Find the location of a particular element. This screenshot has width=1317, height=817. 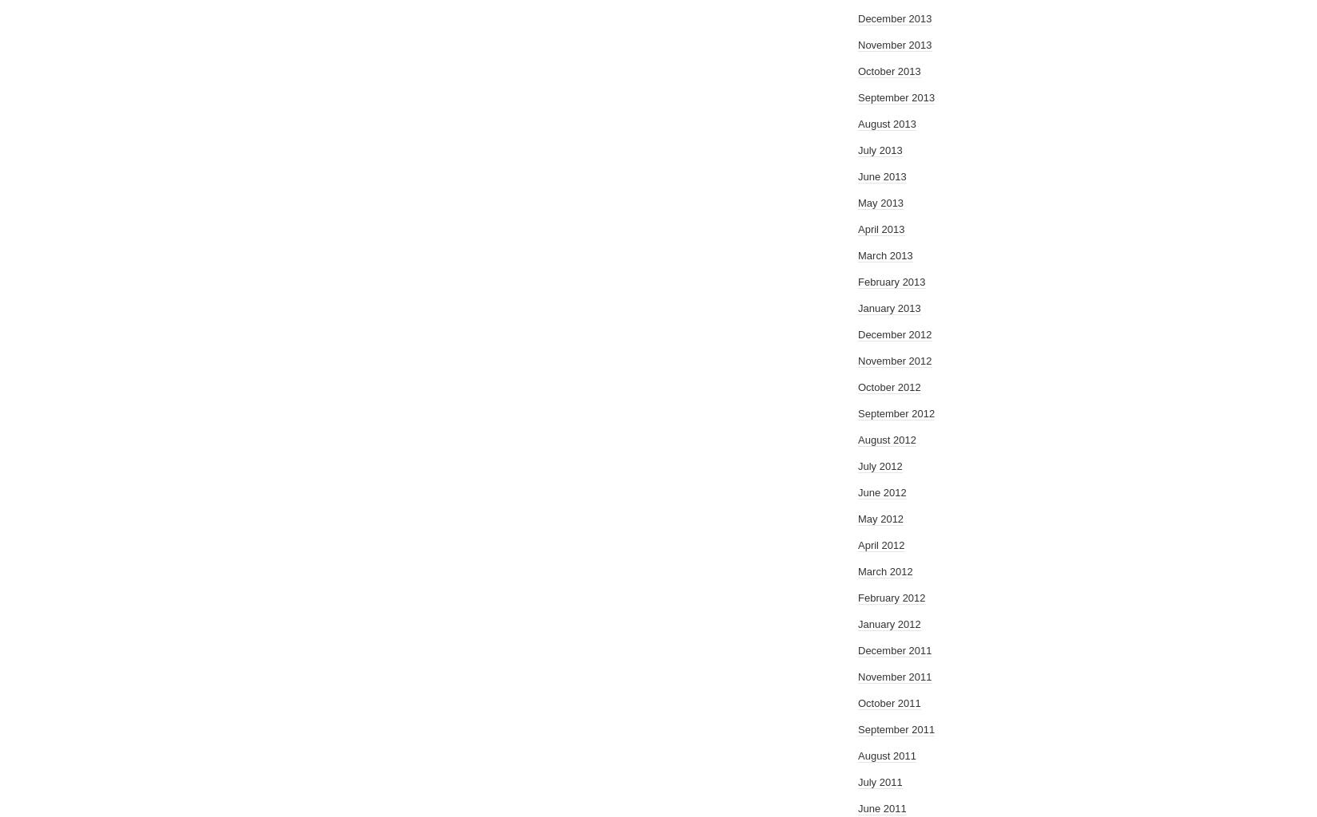

'September 2011' is located at coordinates (896, 728).